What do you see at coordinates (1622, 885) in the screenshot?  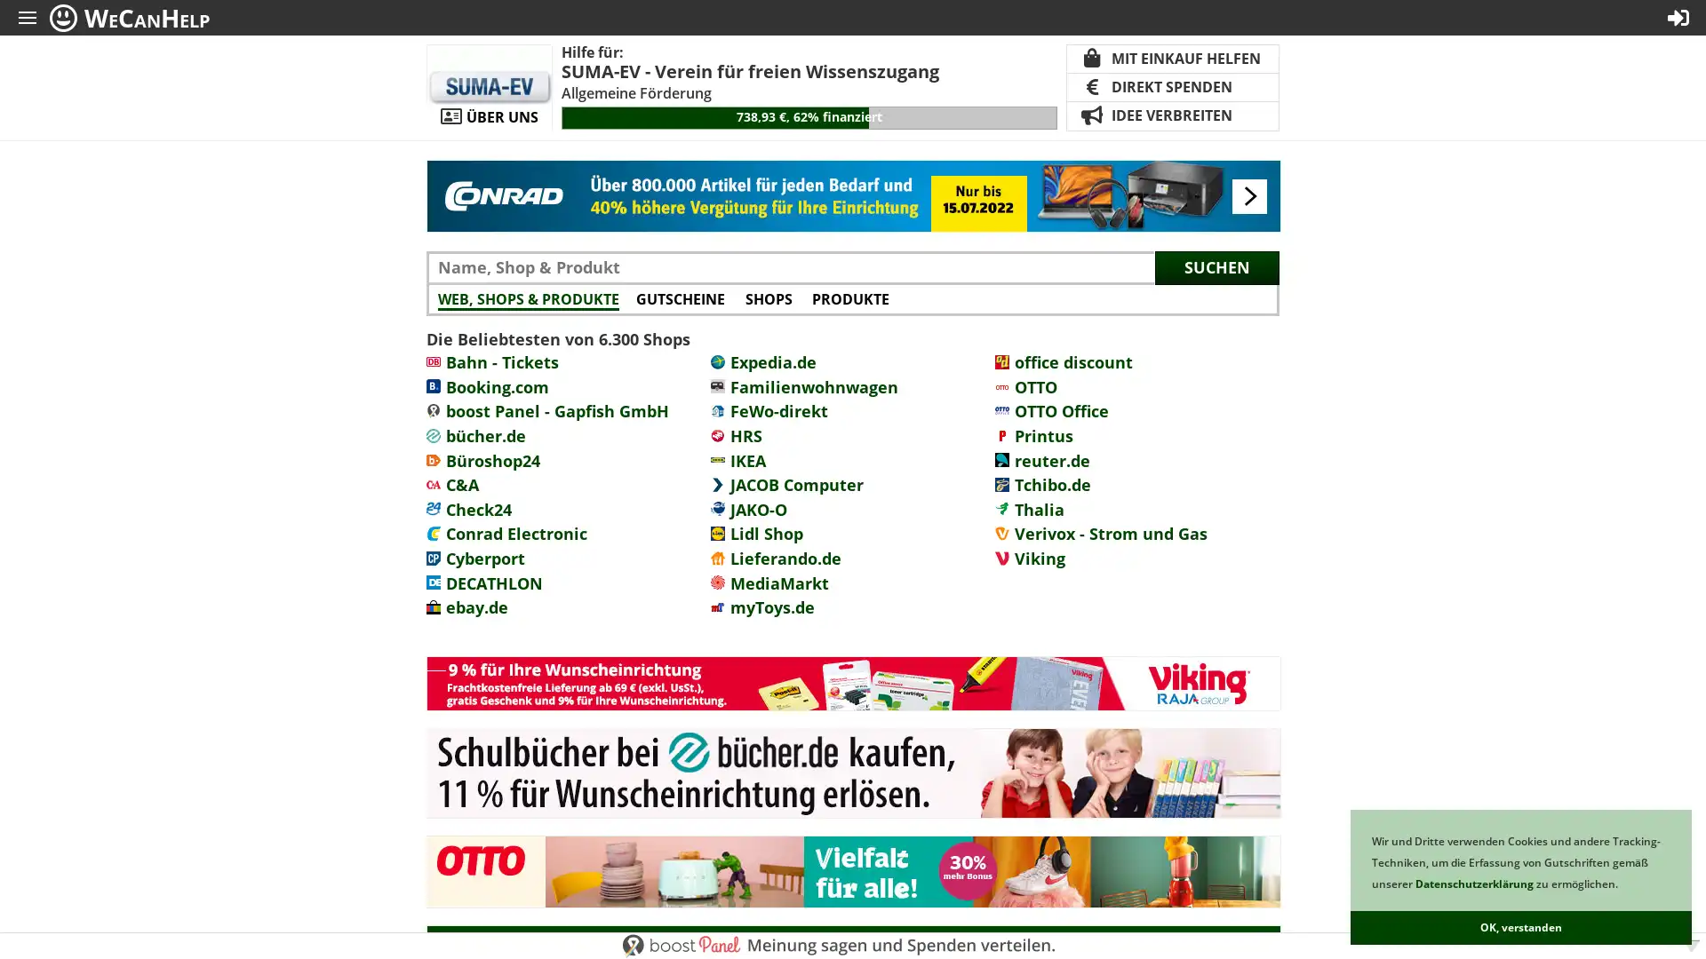 I see `learn more about cookies` at bounding box center [1622, 885].